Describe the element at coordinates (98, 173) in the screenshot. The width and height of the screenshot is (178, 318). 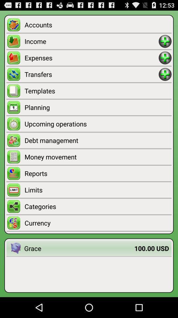
I see `the reports item` at that location.